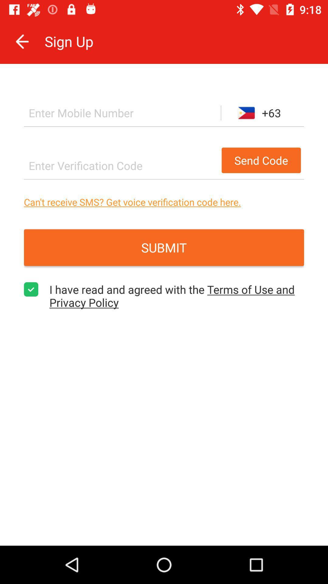 This screenshot has width=328, height=584. What do you see at coordinates (164, 248) in the screenshot?
I see `the item below can t receive icon` at bounding box center [164, 248].